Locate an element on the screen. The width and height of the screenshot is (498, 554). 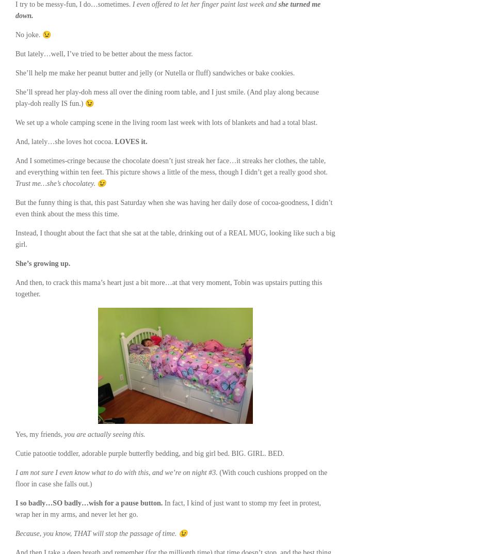
'But lately…well, I’ve tried to be better about the mess factor.' is located at coordinates (104, 54).